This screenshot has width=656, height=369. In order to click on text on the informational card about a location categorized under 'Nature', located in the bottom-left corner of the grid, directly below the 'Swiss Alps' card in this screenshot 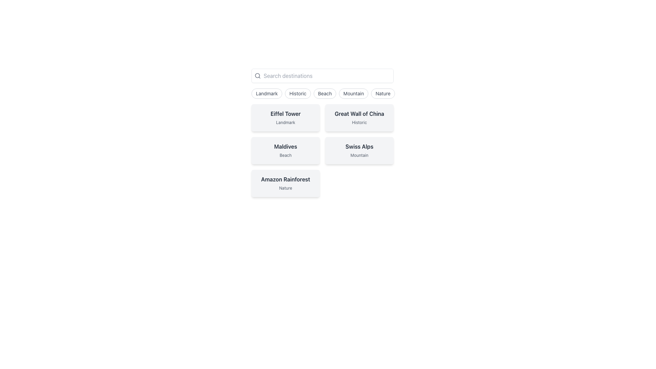, I will do `click(285, 183)`.